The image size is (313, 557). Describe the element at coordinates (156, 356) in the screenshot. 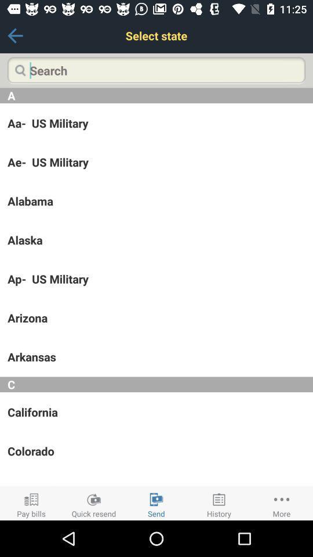

I see `icon above c icon` at that location.